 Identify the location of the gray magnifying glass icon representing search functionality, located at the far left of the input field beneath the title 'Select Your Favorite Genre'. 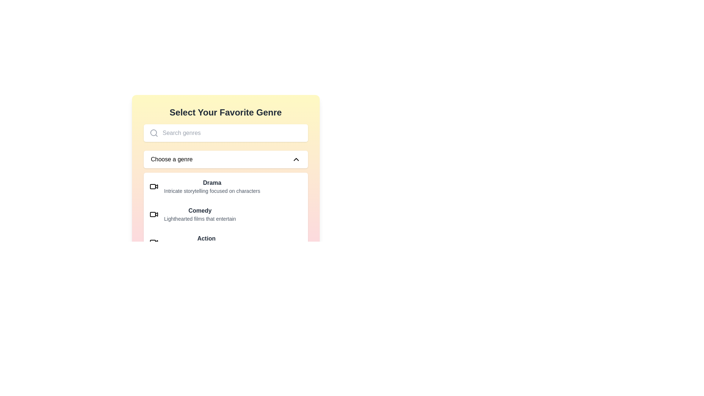
(153, 133).